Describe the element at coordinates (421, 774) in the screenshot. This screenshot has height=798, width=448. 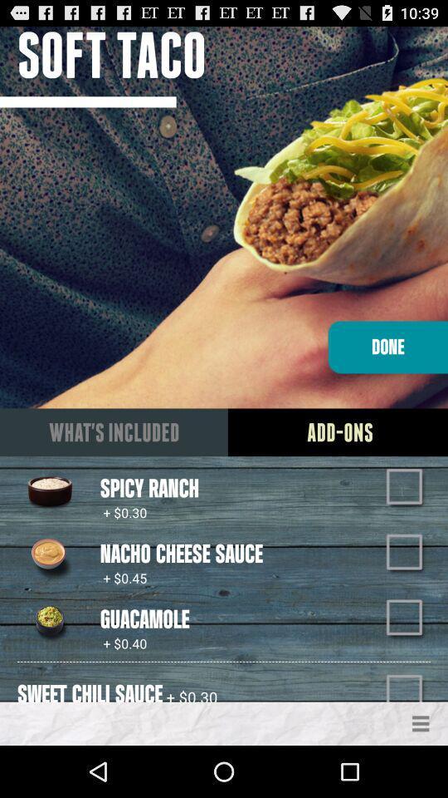
I see `the menu icon` at that location.